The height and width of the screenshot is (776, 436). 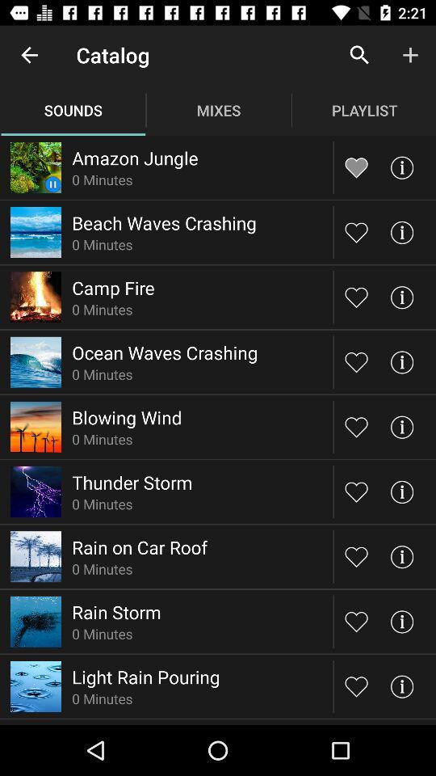 I want to click on press this heart if you love it, so click(x=356, y=231).